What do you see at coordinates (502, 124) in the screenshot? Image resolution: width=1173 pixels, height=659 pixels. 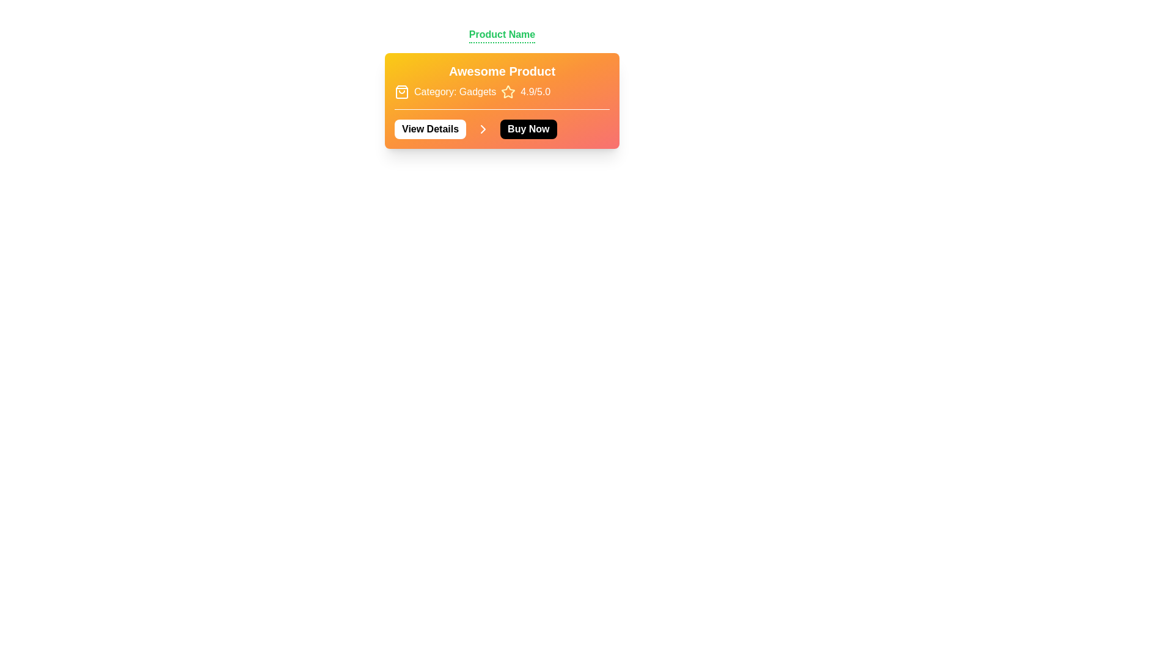 I see `the 'Buy Now' button, which is located to the right of the 'View Details' button and has white text on a black background` at bounding box center [502, 124].